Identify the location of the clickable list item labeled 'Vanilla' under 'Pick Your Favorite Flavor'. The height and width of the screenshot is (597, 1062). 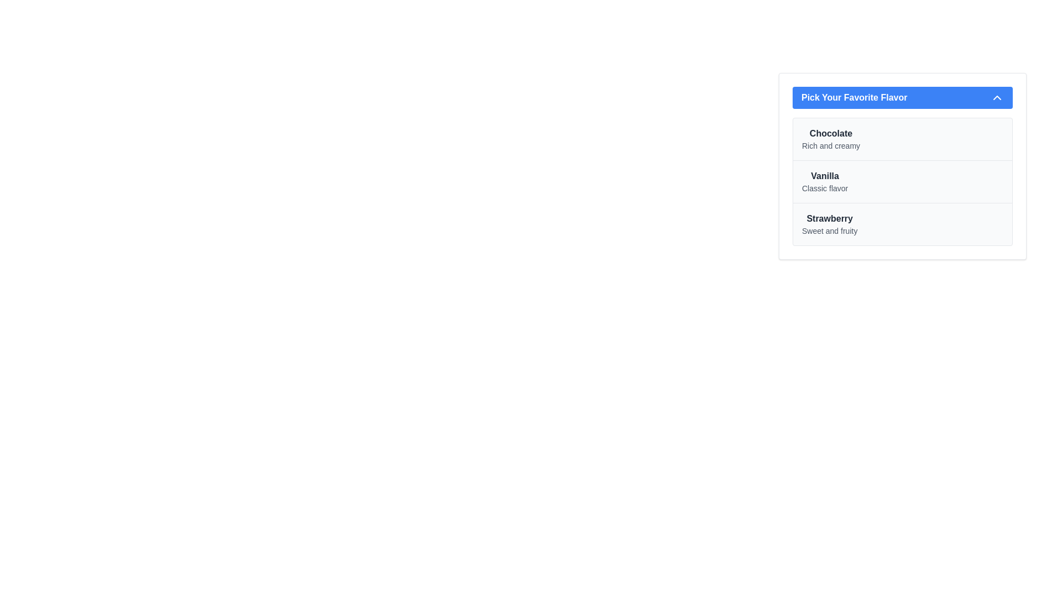
(903, 166).